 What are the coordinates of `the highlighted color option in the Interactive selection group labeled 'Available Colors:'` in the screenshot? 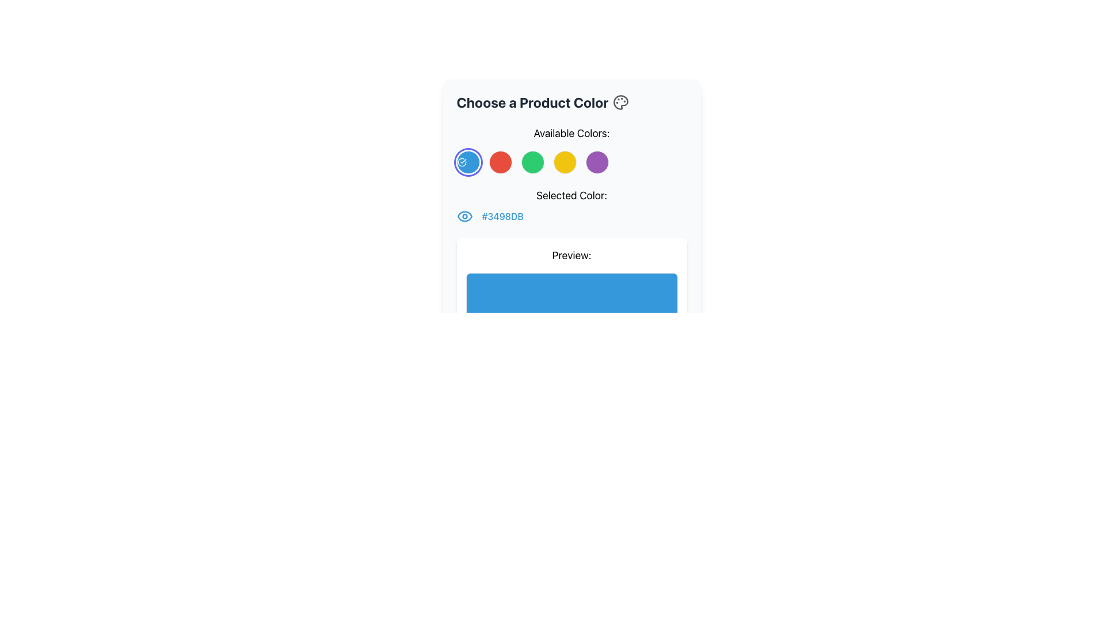 It's located at (571, 149).